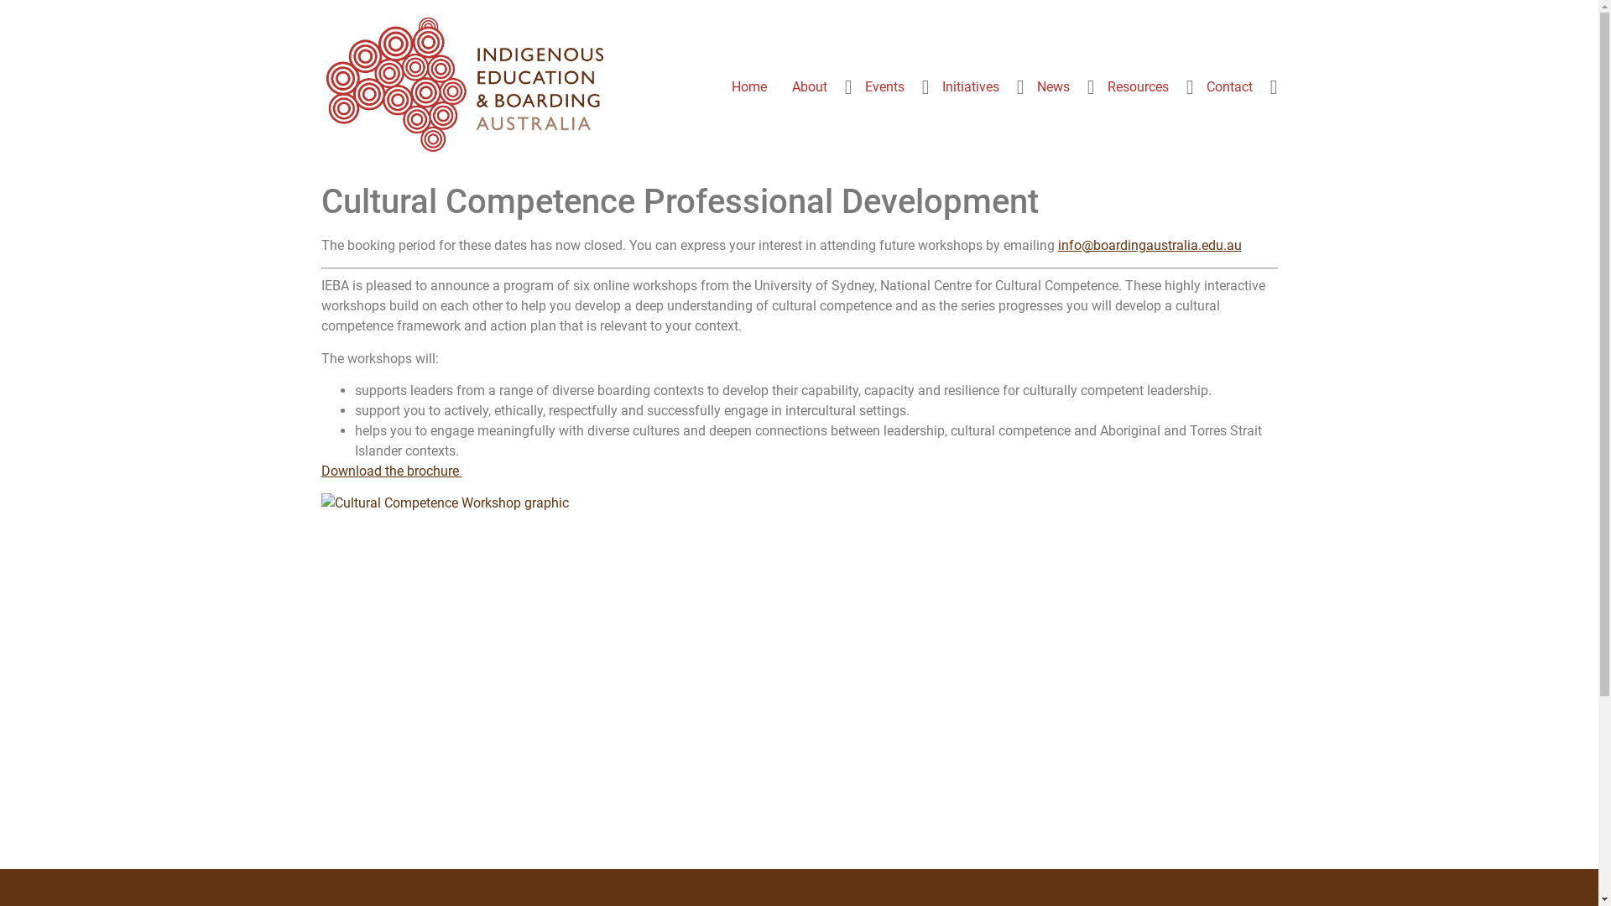  I want to click on 'Events', so click(884, 87).